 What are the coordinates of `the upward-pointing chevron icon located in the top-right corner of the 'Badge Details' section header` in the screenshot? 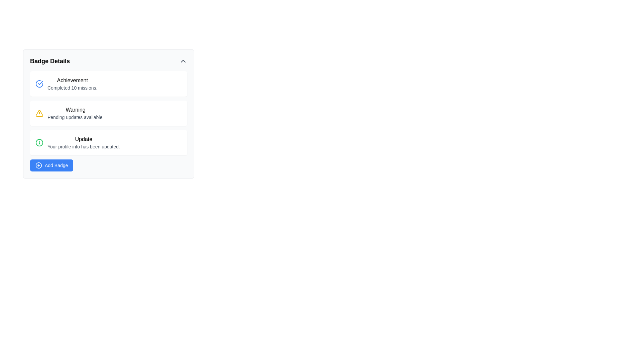 It's located at (183, 61).